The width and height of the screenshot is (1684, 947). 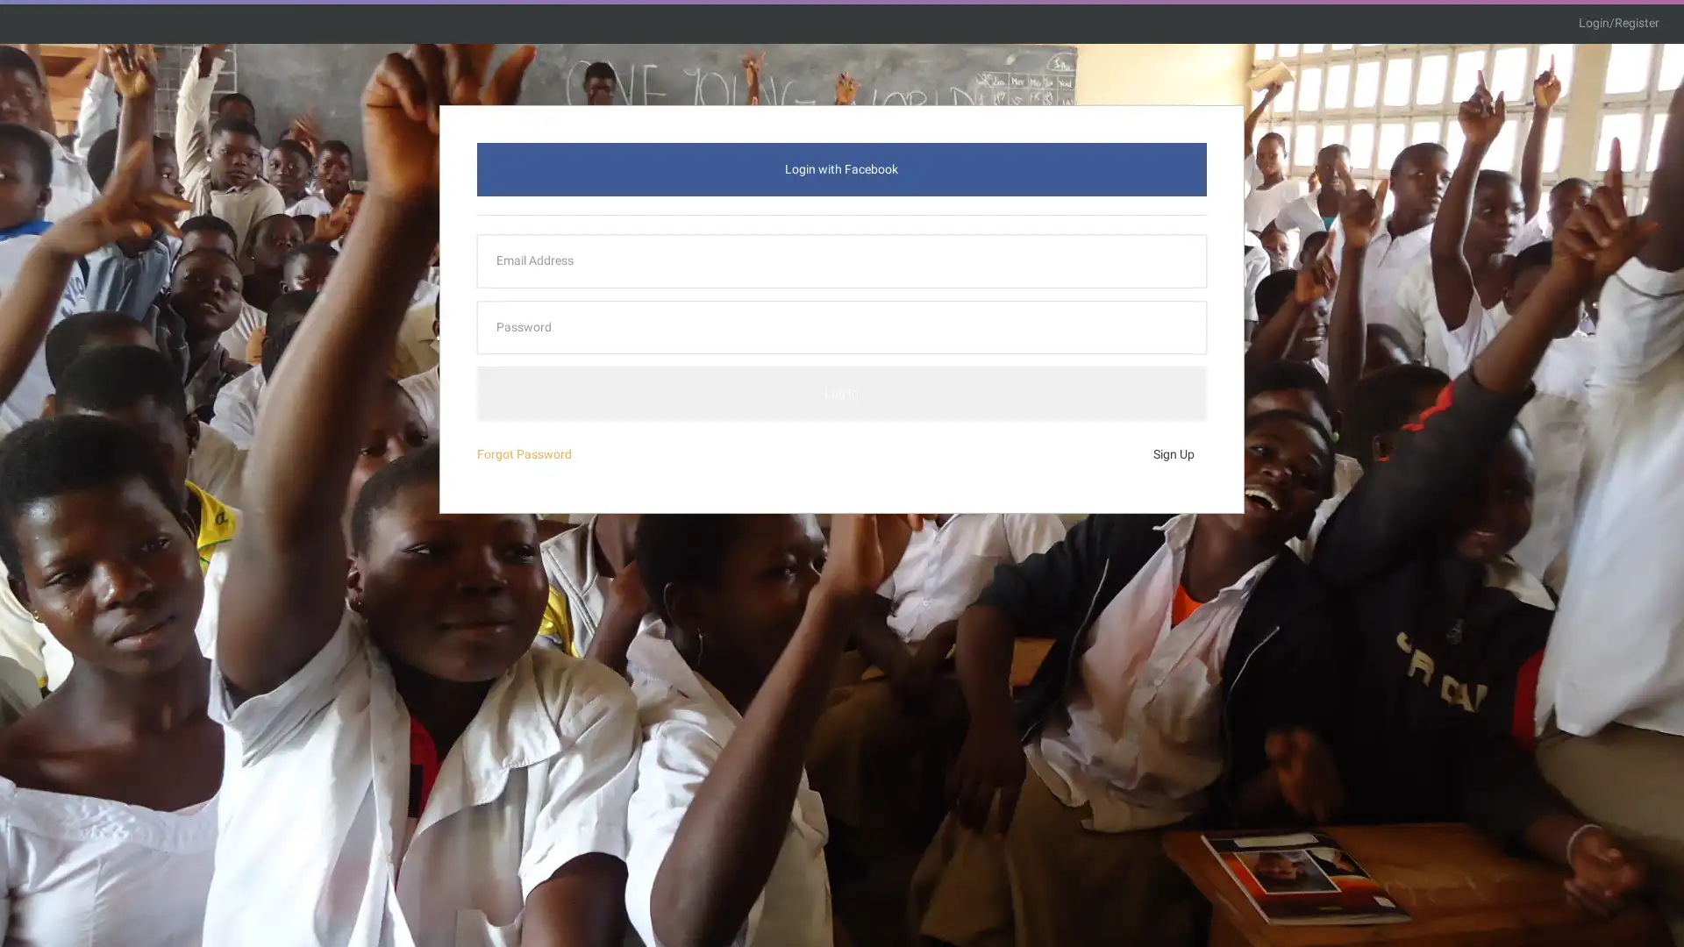 What do you see at coordinates (840, 392) in the screenshot?
I see `Log In` at bounding box center [840, 392].